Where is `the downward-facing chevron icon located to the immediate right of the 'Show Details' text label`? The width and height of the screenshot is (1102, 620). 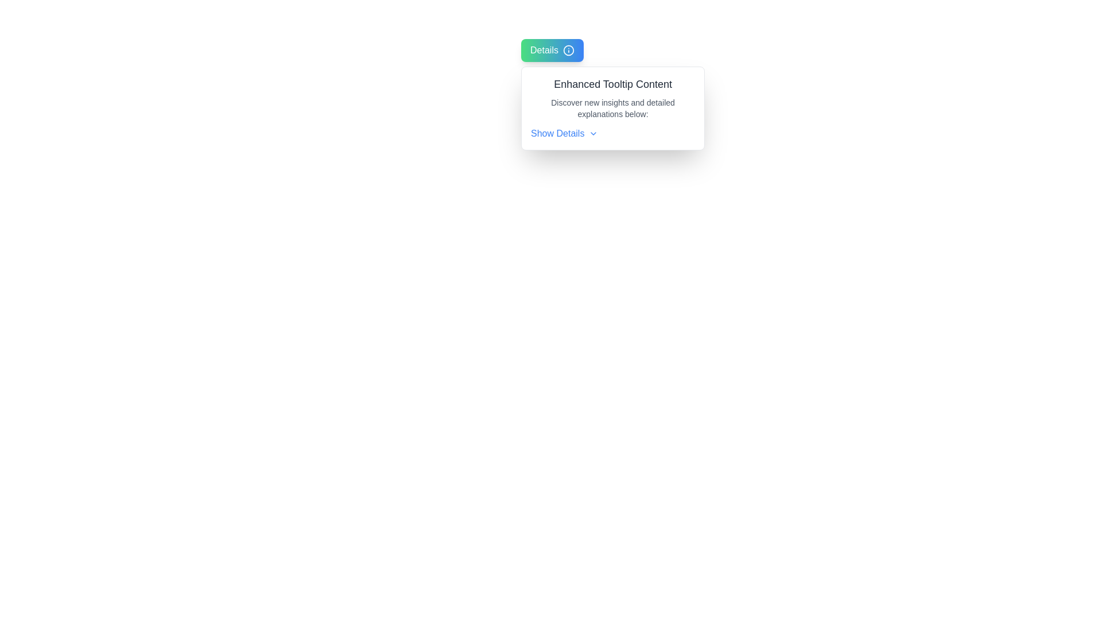 the downward-facing chevron icon located to the immediate right of the 'Show Details' text label is located at coordinates (593, 133).